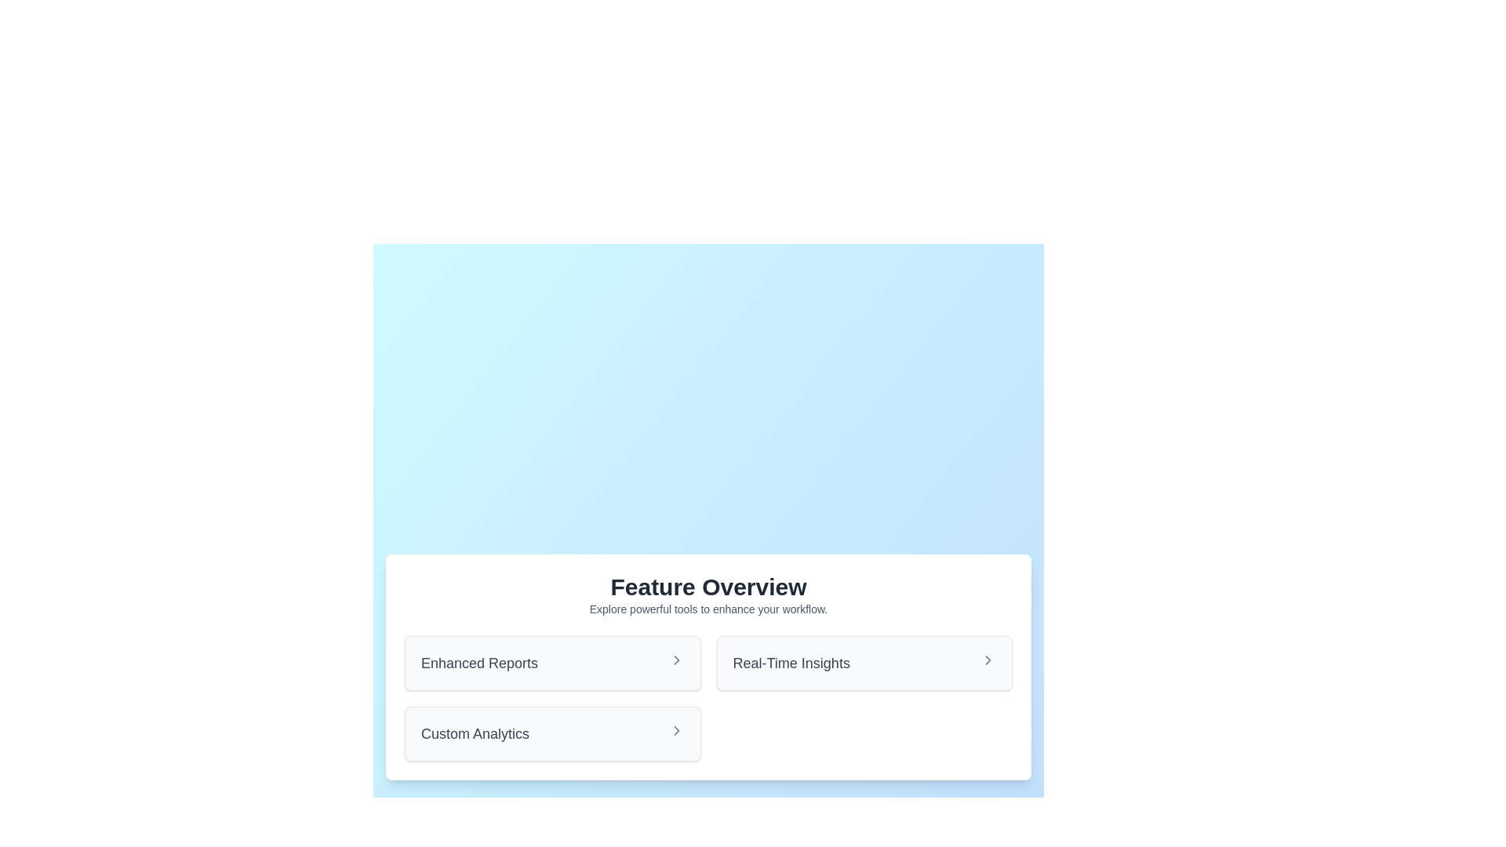 The width and height of the screenshot is (1506, 847). Describe the element at coordinates (708, 587) in the screenshot. I see `text header labeled 'Feature Overview' that is prominently displayed at the top of the card-like section` at that location.